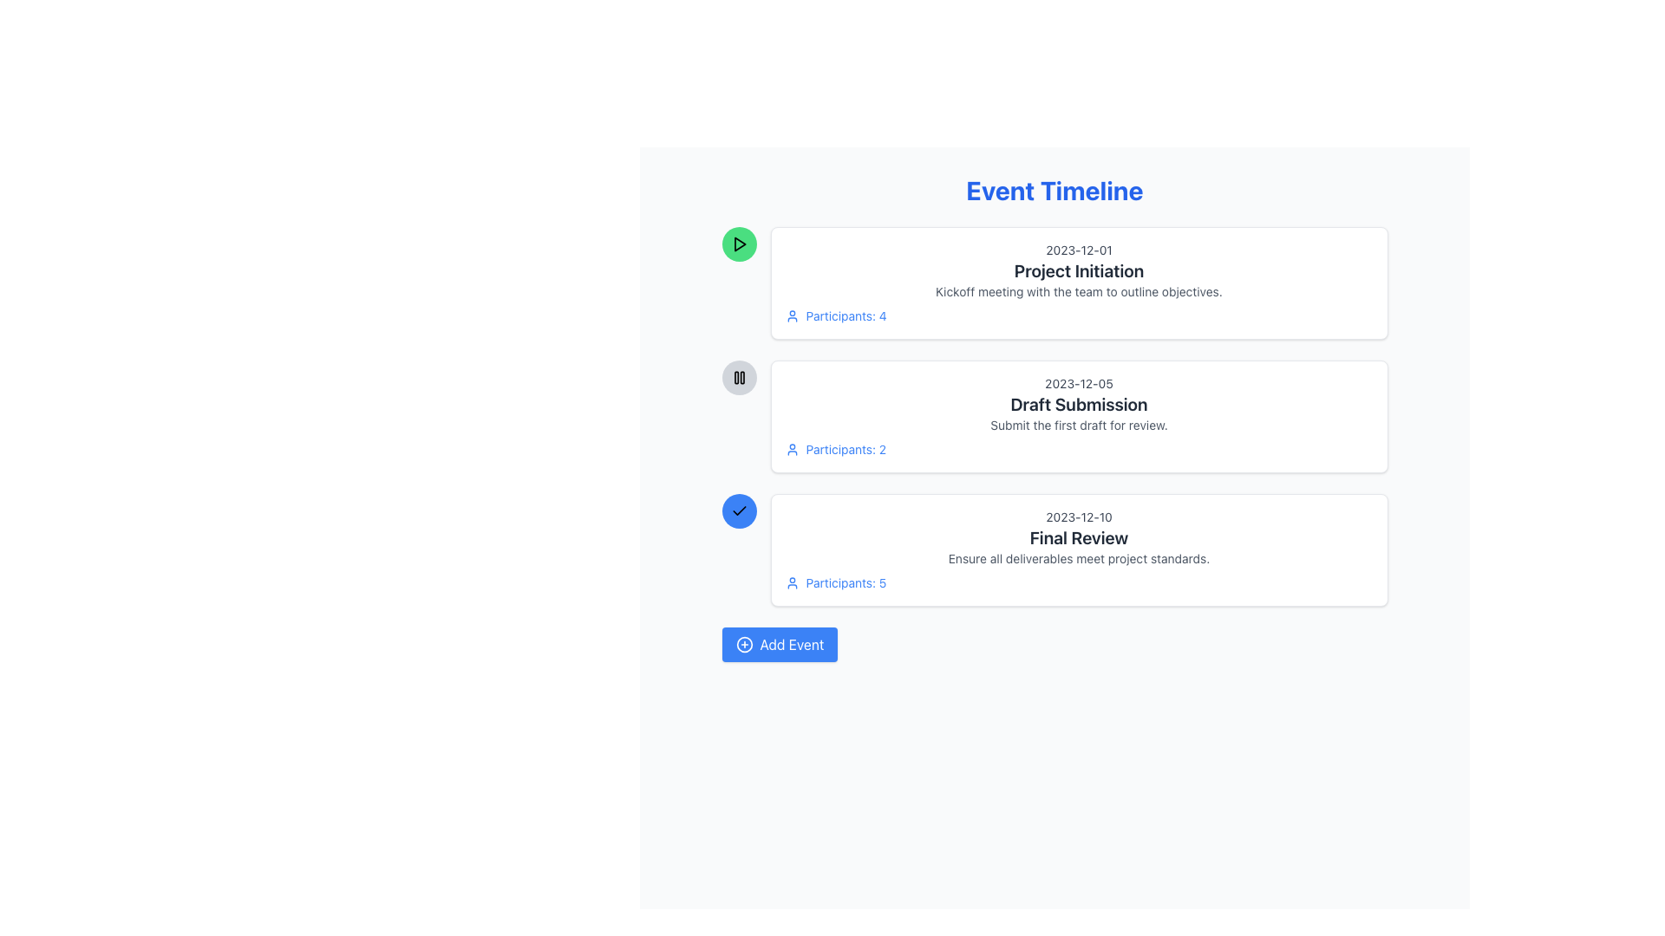  Describe the element at coordinates (1078, 290) in the screenshot. I see `the text element that provides a short description related to the 'Project Initiation' event, located beneath the title and preceding participant information` at that location.